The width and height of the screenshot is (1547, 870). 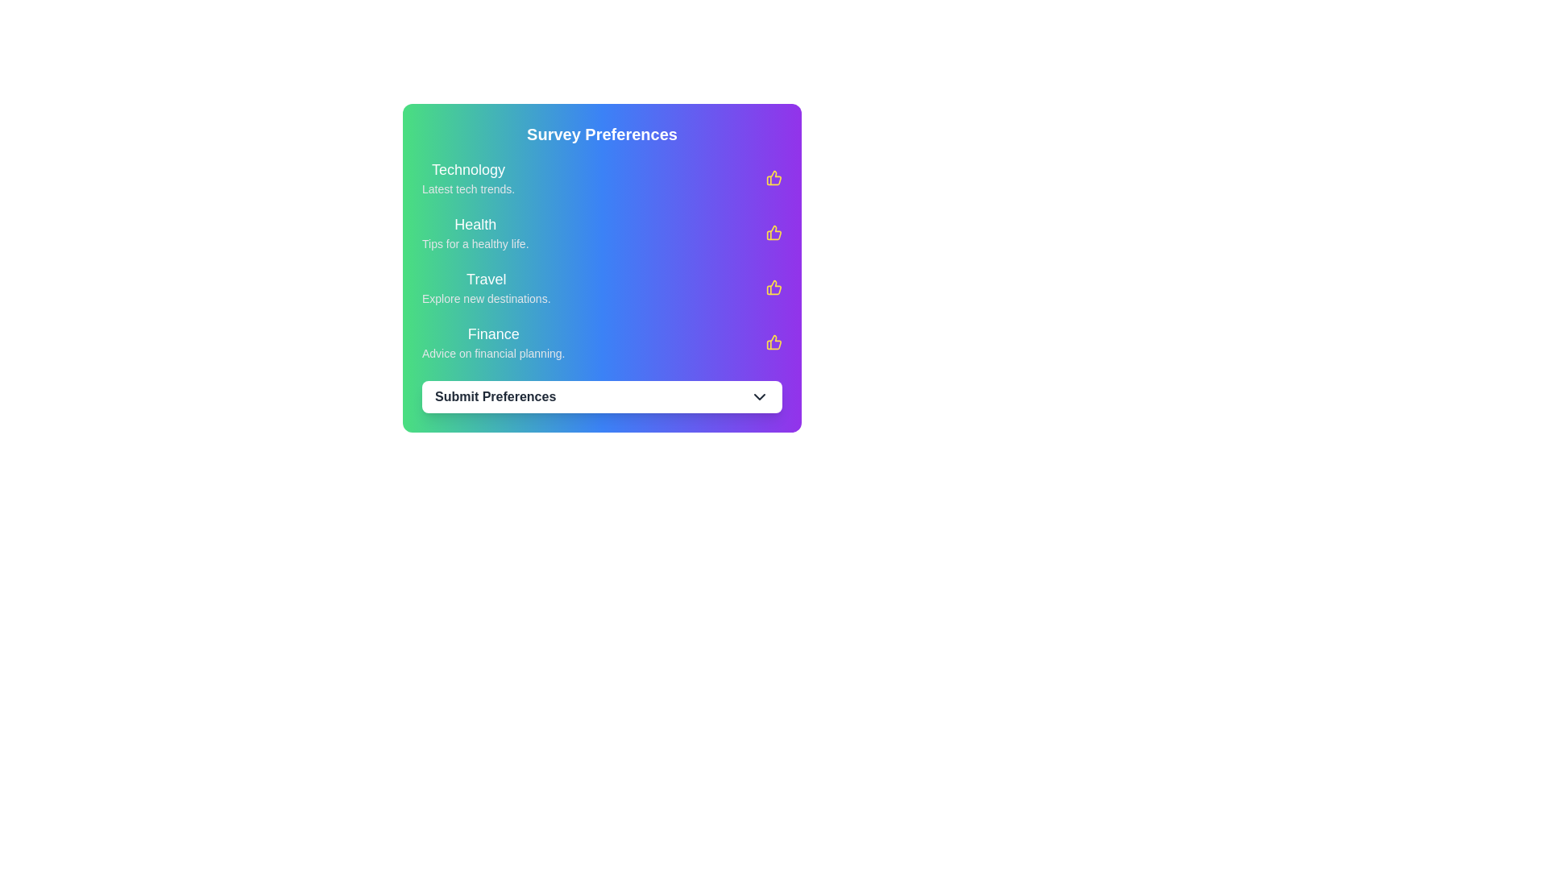 I want to click on the text label that displays 'Advice on financial planning.' located under the 'Finance' text in the 'Survey Preferences' section, so click(x=492, y=353).